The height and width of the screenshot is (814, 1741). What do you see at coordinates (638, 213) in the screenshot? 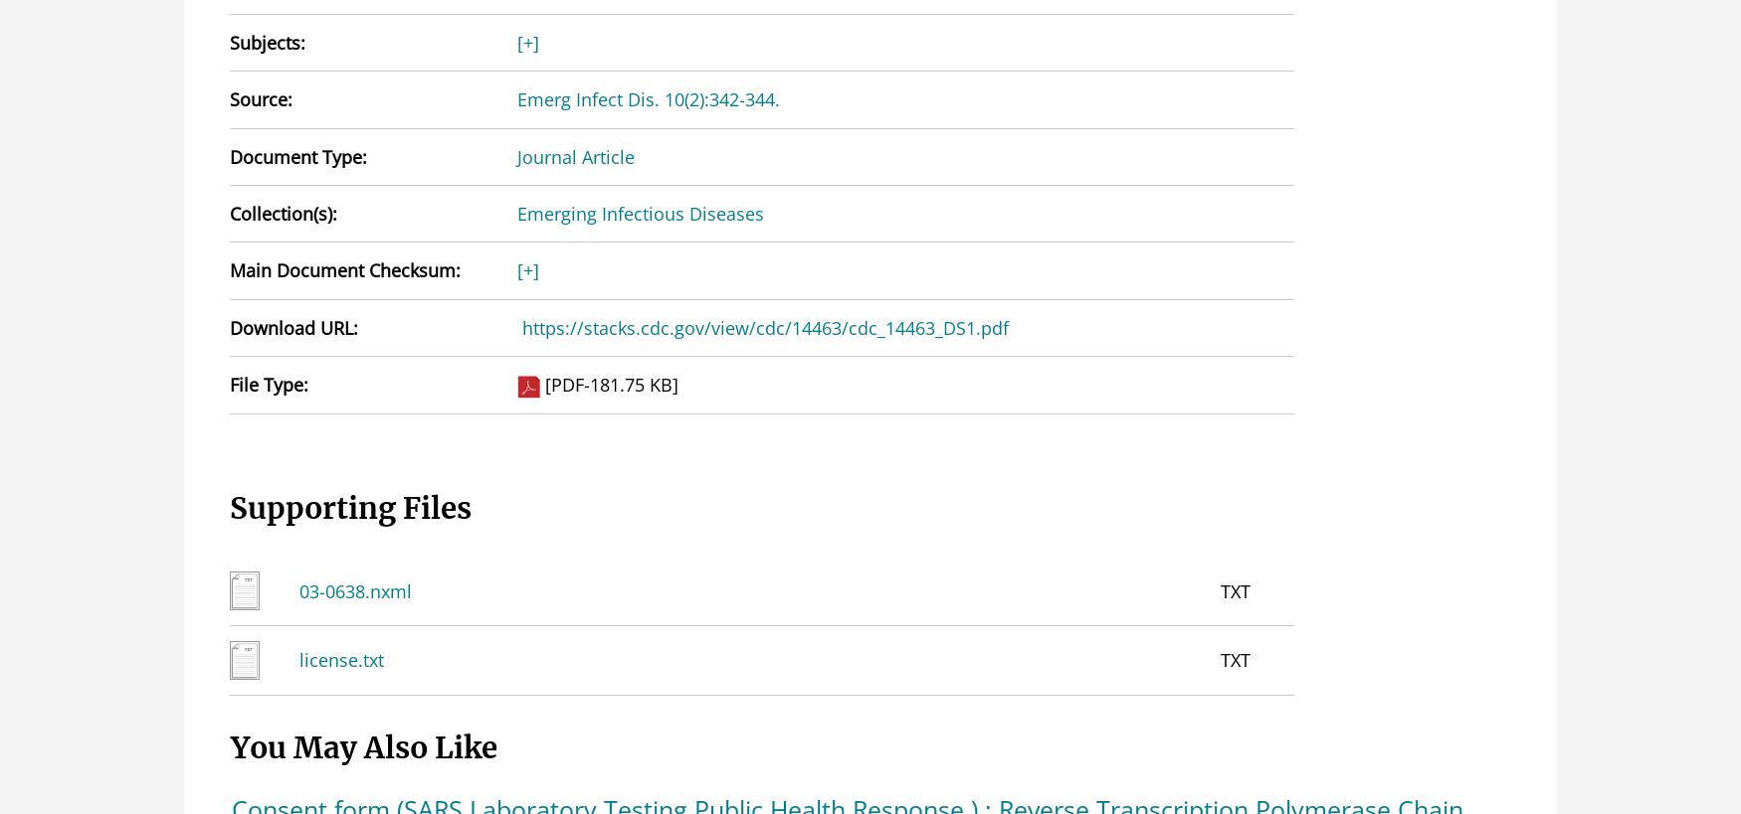
I see `'Emerging Infectious Diseases'` at bounding box center [638, 213].